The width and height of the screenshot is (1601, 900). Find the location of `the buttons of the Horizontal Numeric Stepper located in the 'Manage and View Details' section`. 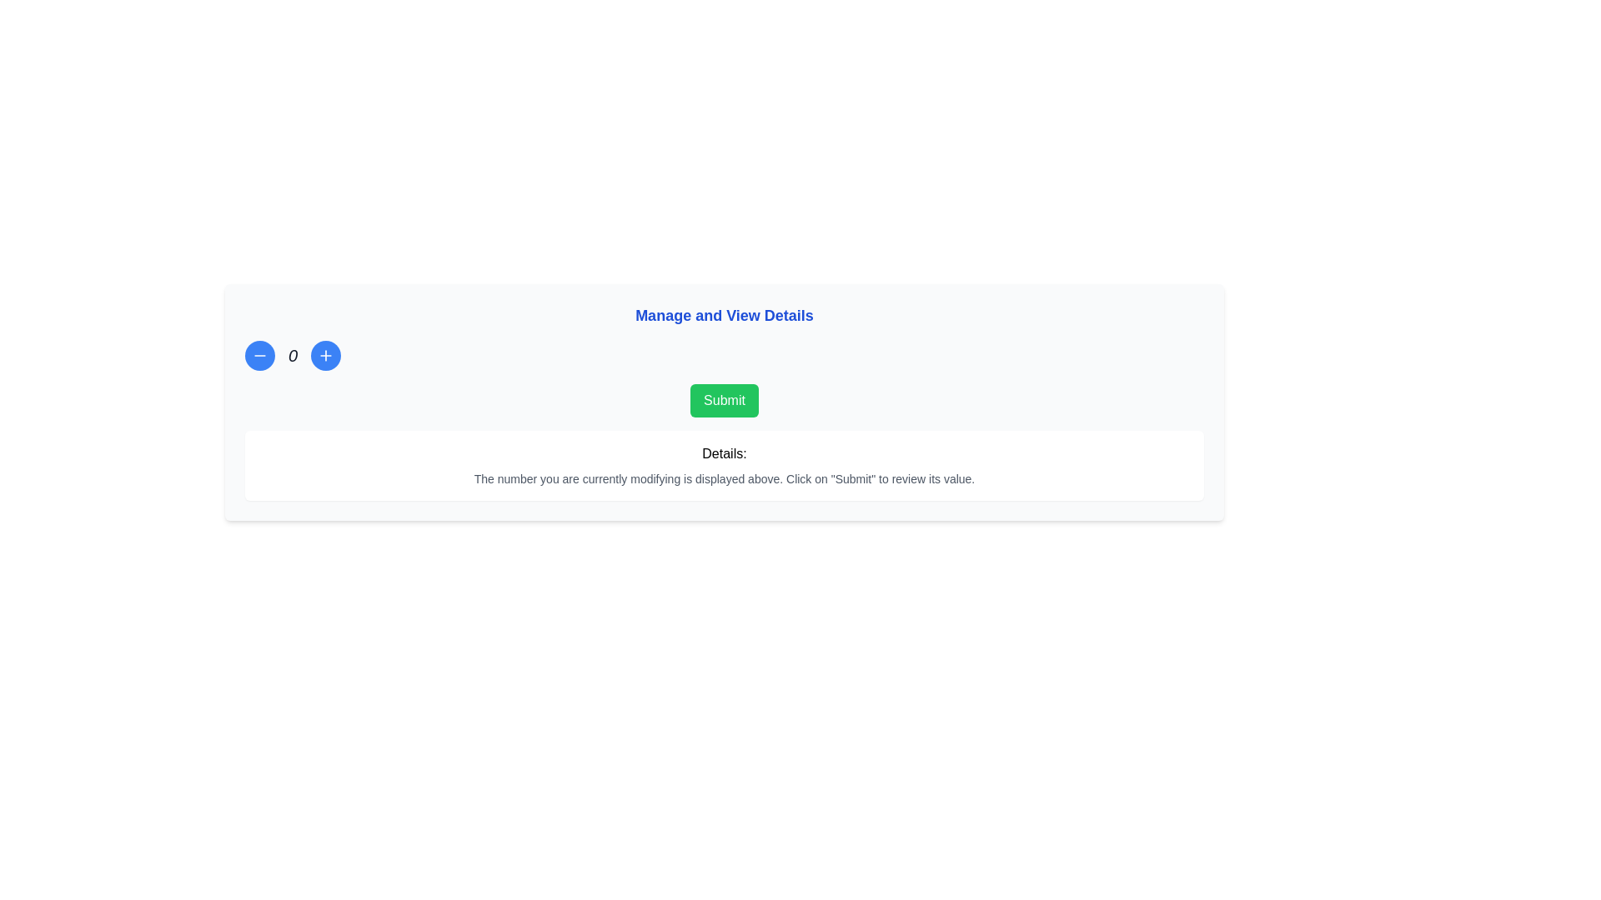

the buttons of the Horizontal Numeric Stepper located in the 'Manage and View Details' section is located at coordinates (724, 355).